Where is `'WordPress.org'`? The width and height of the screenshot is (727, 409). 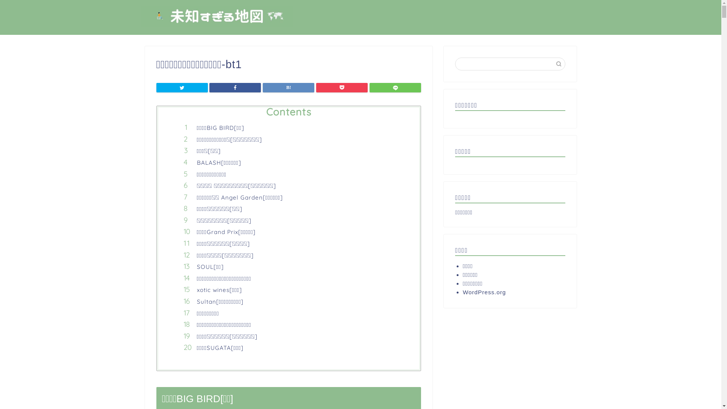 'WordPress.org' is located at coordinates (510, 292).